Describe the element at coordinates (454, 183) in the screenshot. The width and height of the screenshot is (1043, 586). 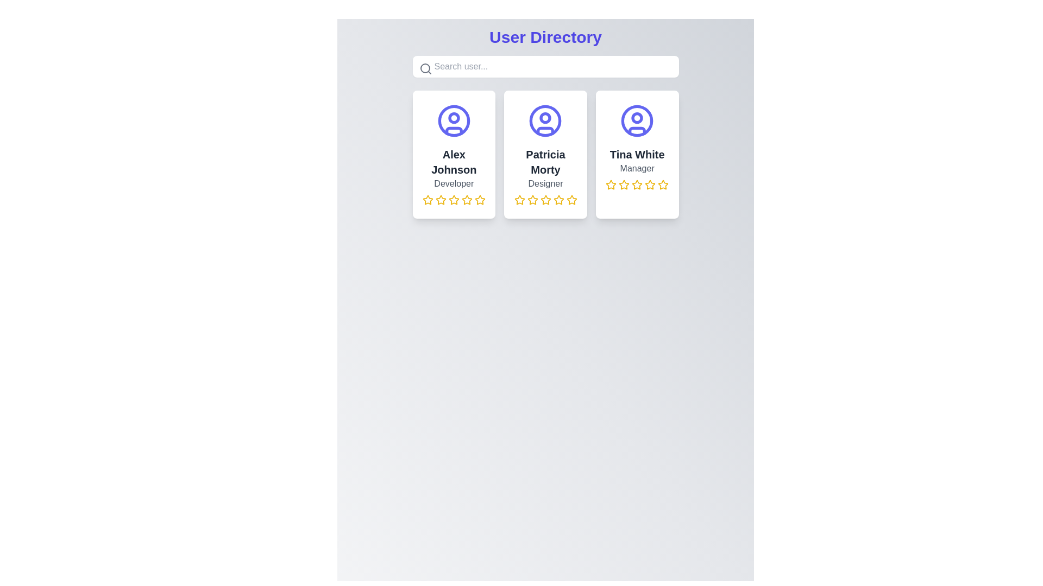
I see `the text label that contains 'Developer', which is located below the name 'Alex Johnson' in the user card` at that location.